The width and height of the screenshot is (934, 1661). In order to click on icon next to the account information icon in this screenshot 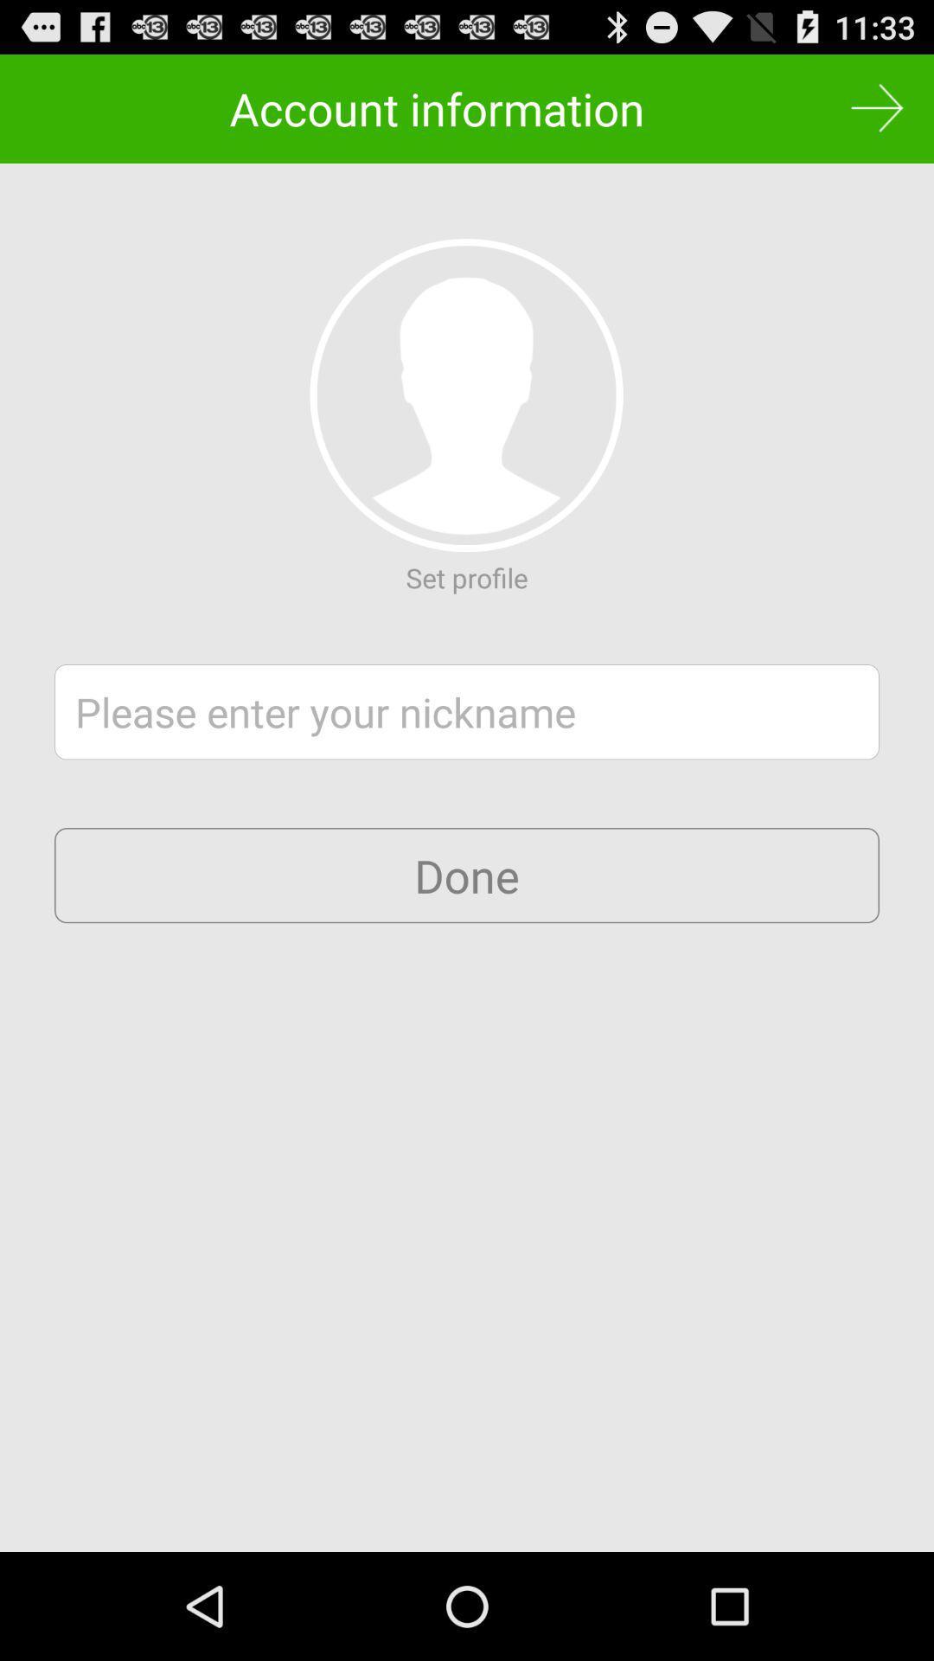, I will do `click(877, 107)`.